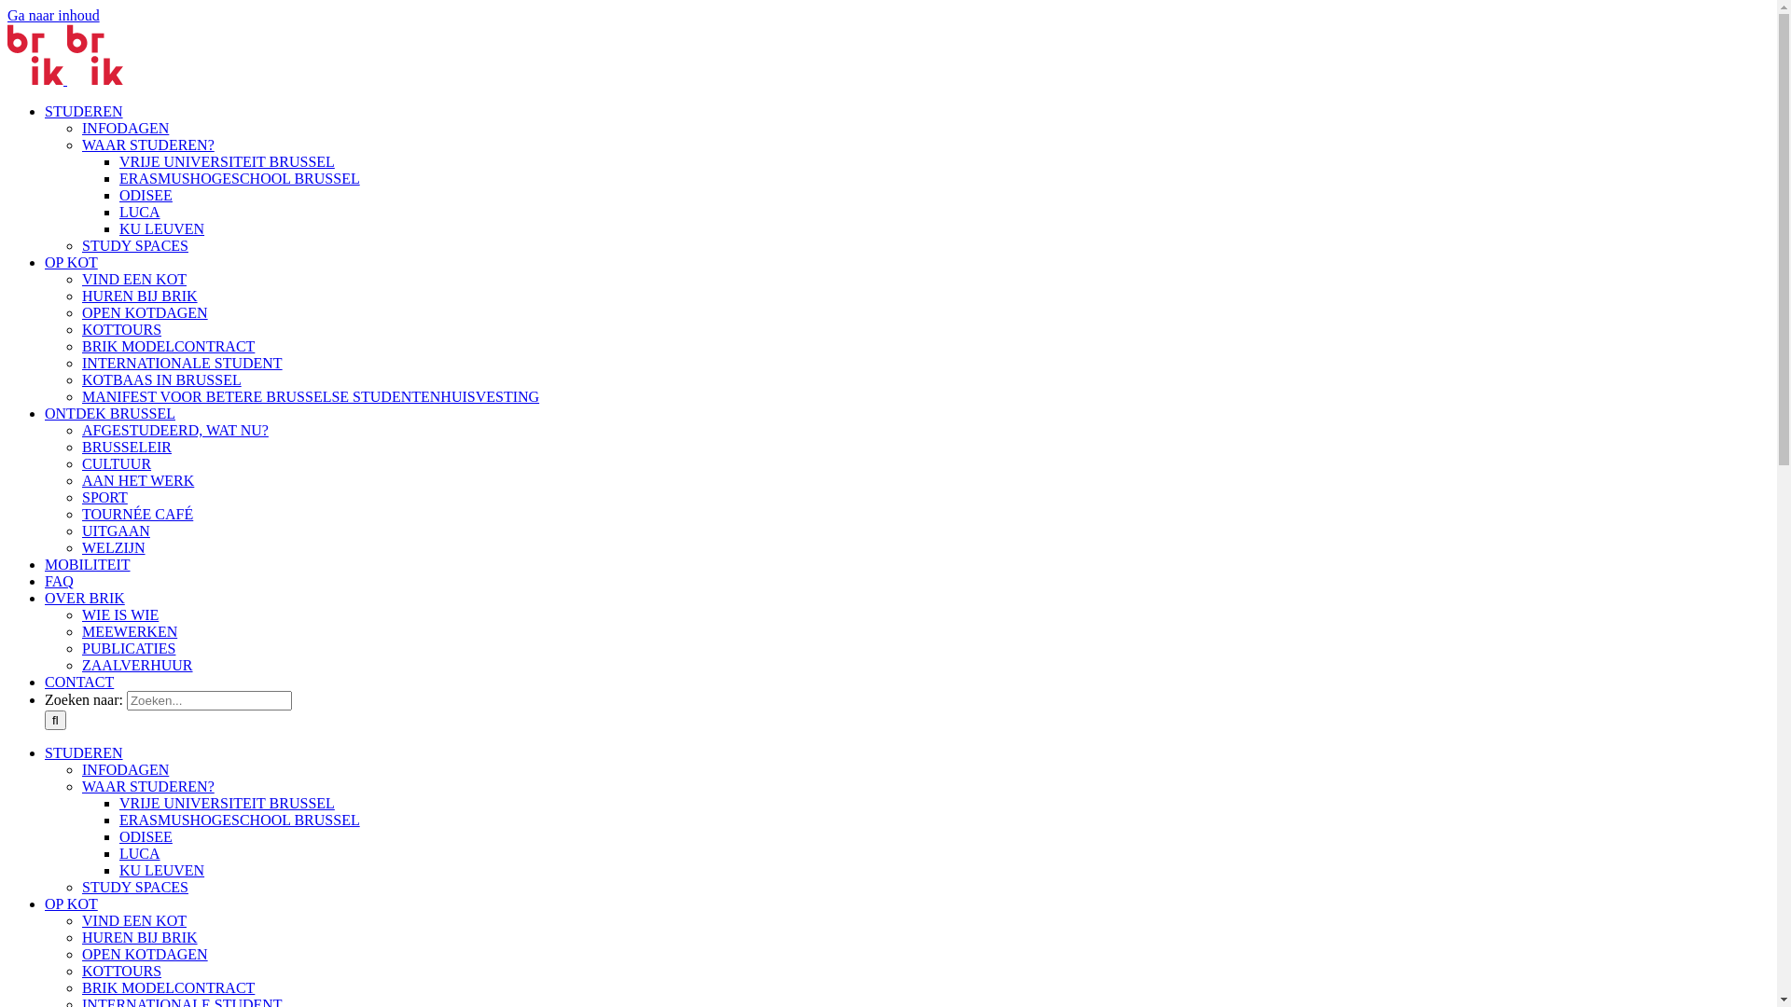 This screenshot has height=1007, width=1791. I want to click on 'STUDEREN', so click(45, 752).